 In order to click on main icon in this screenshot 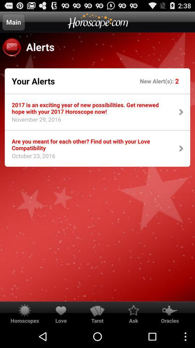, I will do `click(13, 21)`.